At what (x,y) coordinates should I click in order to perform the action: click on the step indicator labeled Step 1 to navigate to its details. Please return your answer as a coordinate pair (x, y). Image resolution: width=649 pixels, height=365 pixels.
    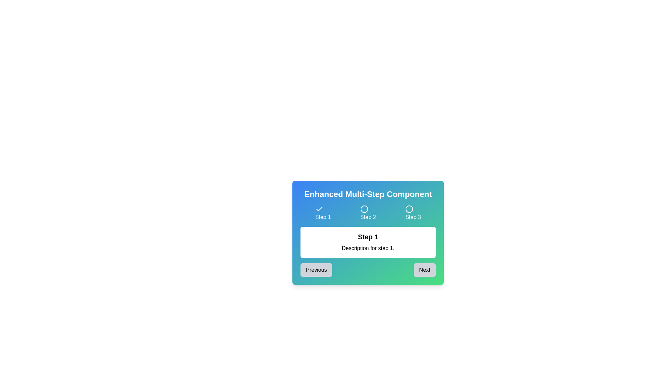
    Looking at the image, I should click on (322, 213).